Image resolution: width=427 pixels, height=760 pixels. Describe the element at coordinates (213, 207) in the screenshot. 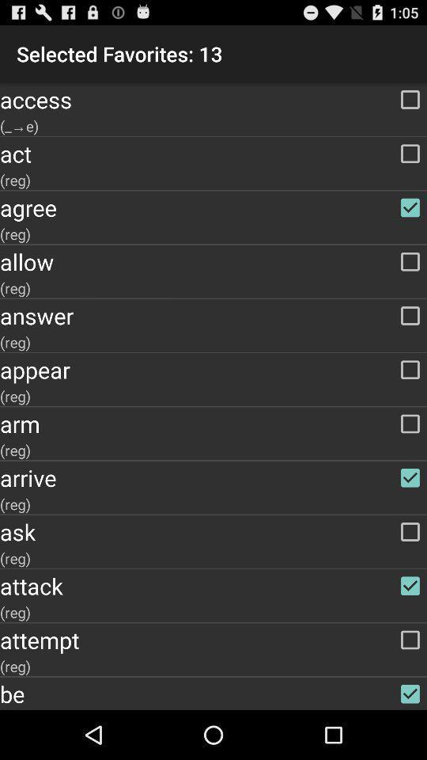

I see `agree` at that location.